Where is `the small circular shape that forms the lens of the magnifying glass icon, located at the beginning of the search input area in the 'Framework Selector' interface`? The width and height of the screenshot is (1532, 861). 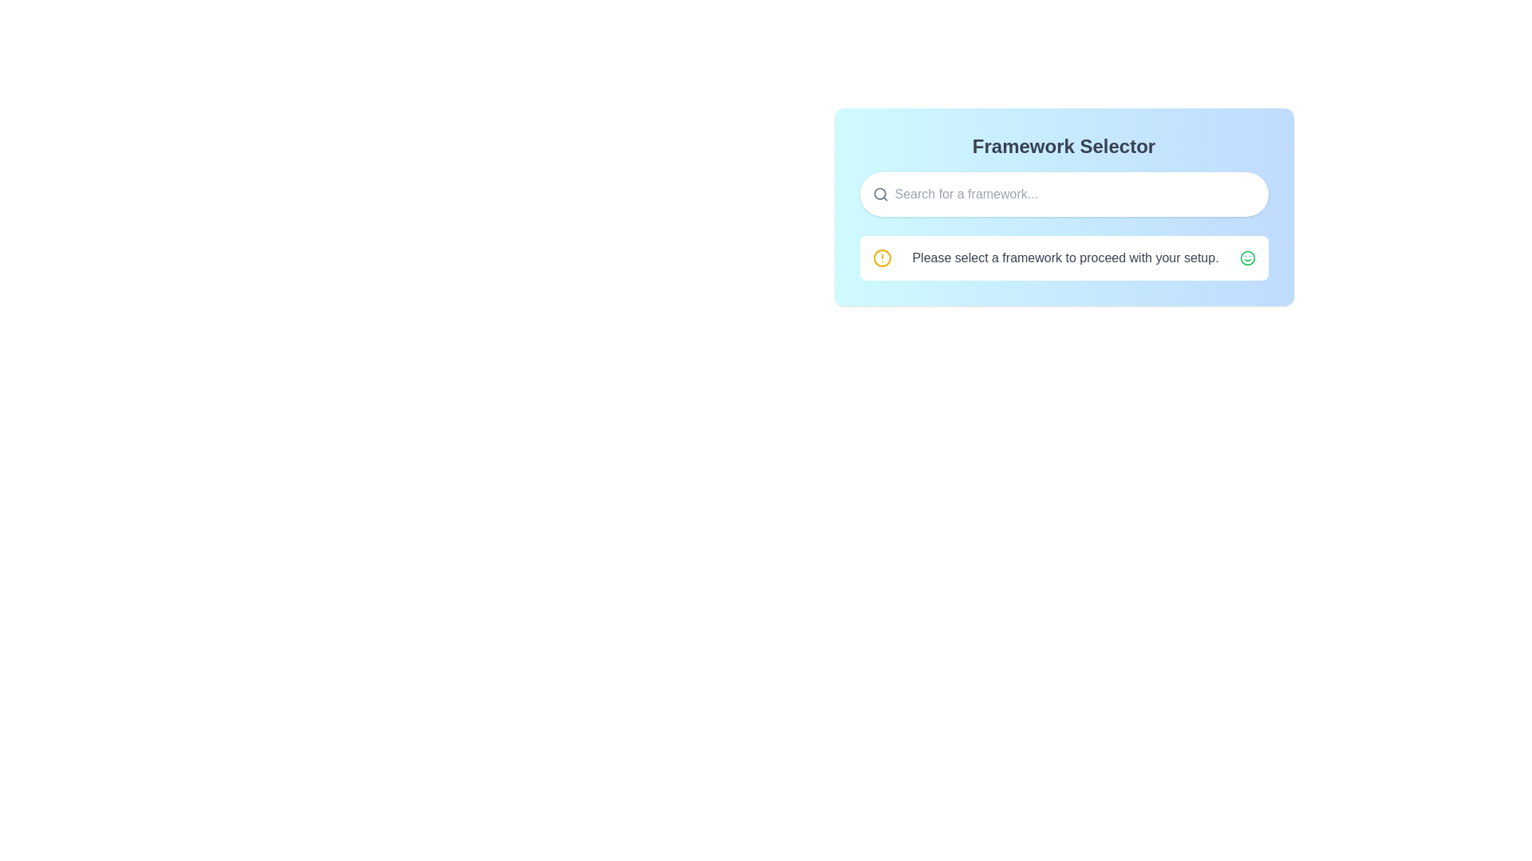 the small circular shape that forms the lens of the magnifying glass icon, located at the beginning of the search input area in the 'Framework Selector' interface is located at coordinates (879, 193).